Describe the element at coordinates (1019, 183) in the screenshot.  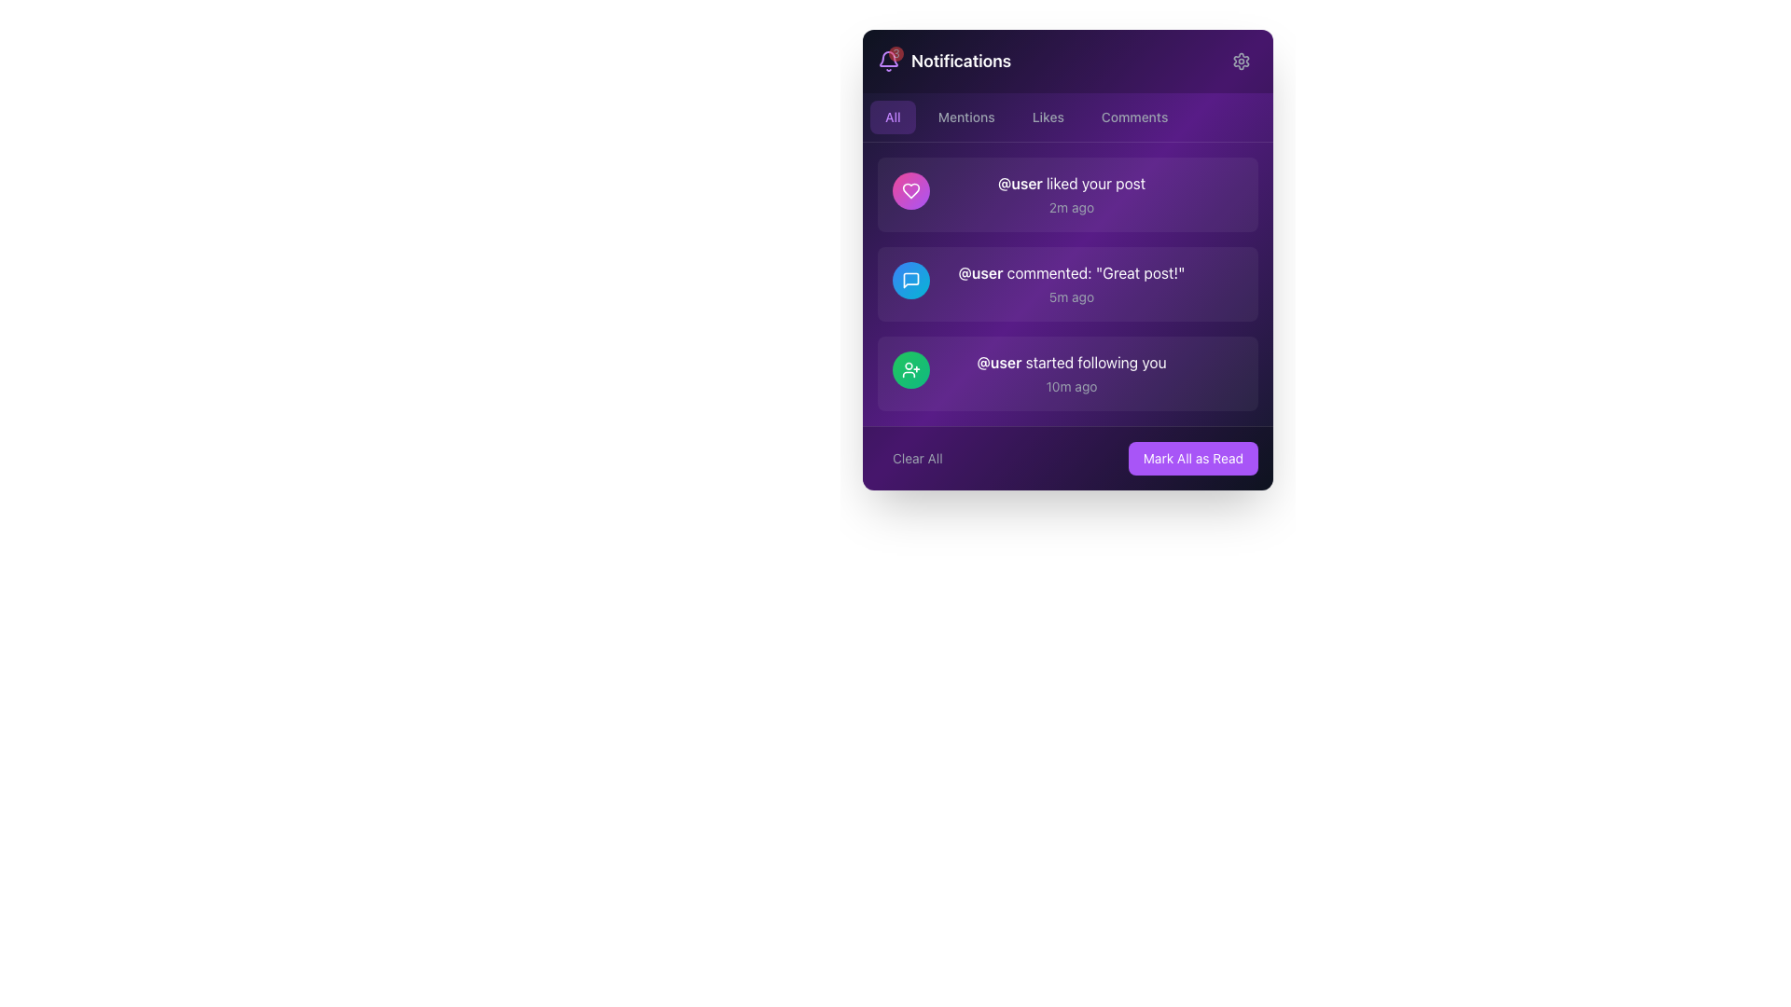
I see `the username mention text label located in the first notification, which displays '@user liked your post', positioned at the left midpoint of the message` at that location.